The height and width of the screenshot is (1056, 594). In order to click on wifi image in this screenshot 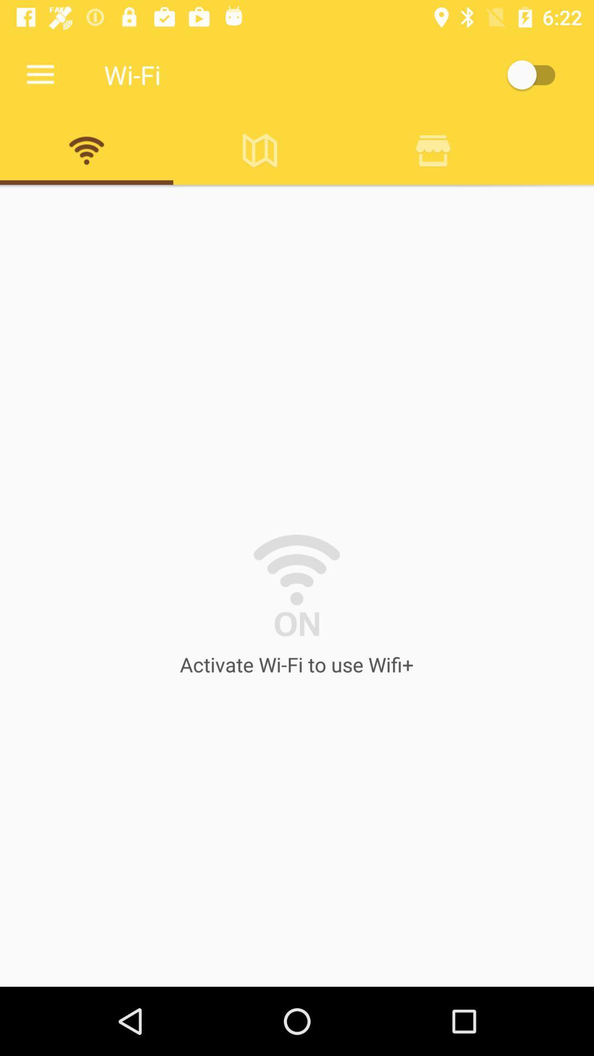, I will do `click(86, 150)`.